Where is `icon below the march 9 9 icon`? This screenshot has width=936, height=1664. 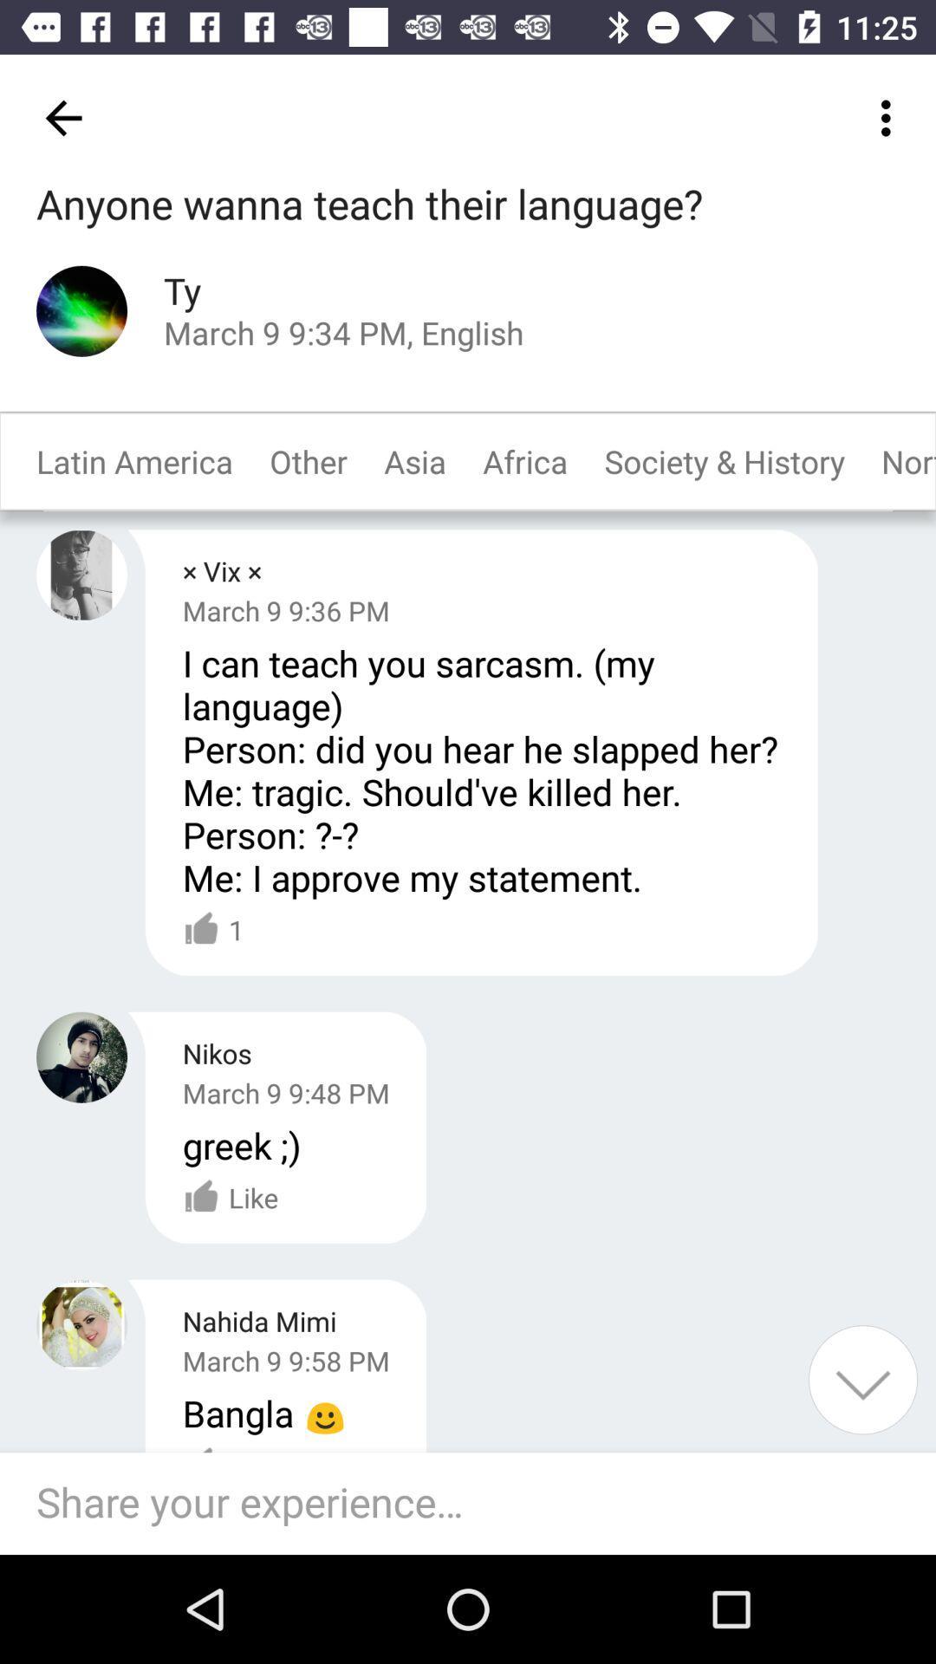 icon below the march 9 9 icon is located at coordinates (212, 929).